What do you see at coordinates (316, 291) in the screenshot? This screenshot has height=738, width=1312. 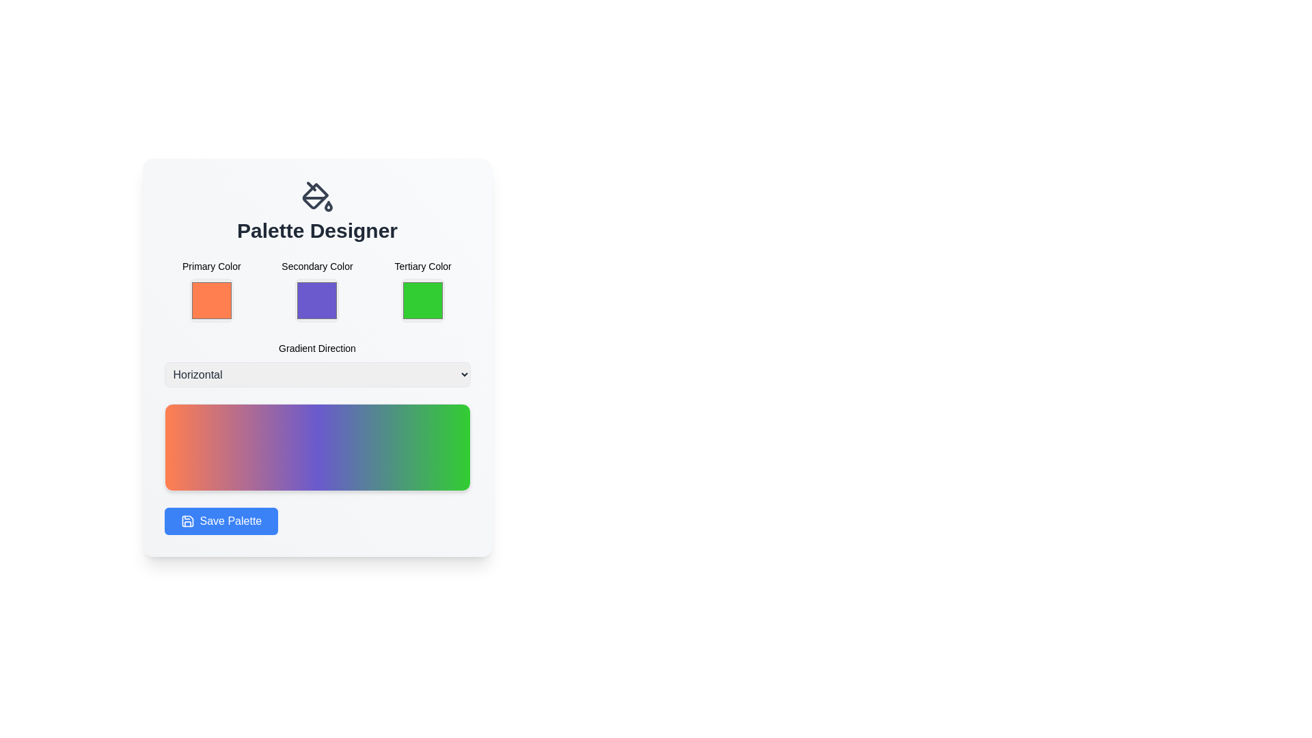 I see `the interactive color selection block labeled 'Secondary Color' with a purple background` at bounding box center [316, 291].